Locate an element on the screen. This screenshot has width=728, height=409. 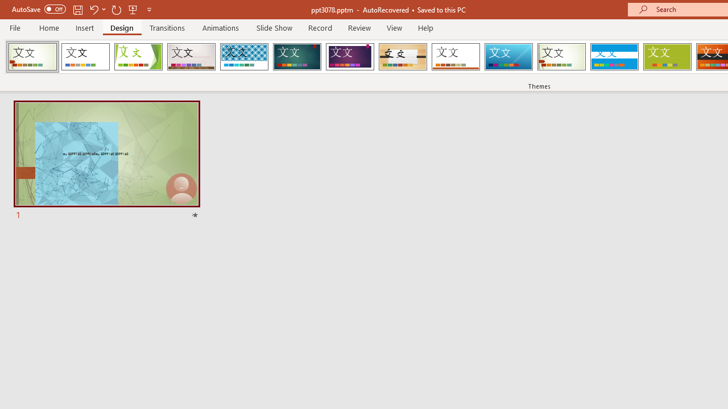
'Slice' is located at coordinates (508, 57).